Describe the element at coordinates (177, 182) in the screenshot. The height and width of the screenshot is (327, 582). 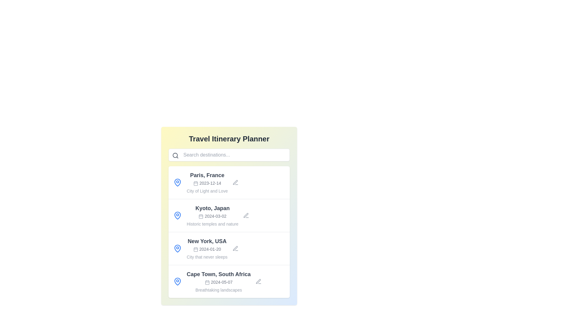
I see `the map pin icon that signifies the 'Paris, France' location entry, located next to the text 'Paris, France'` at that location.